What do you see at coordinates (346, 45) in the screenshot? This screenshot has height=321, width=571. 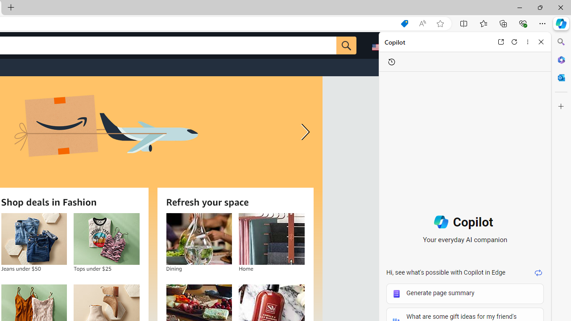 I see `'Go'` at bounding box center [346, 45].